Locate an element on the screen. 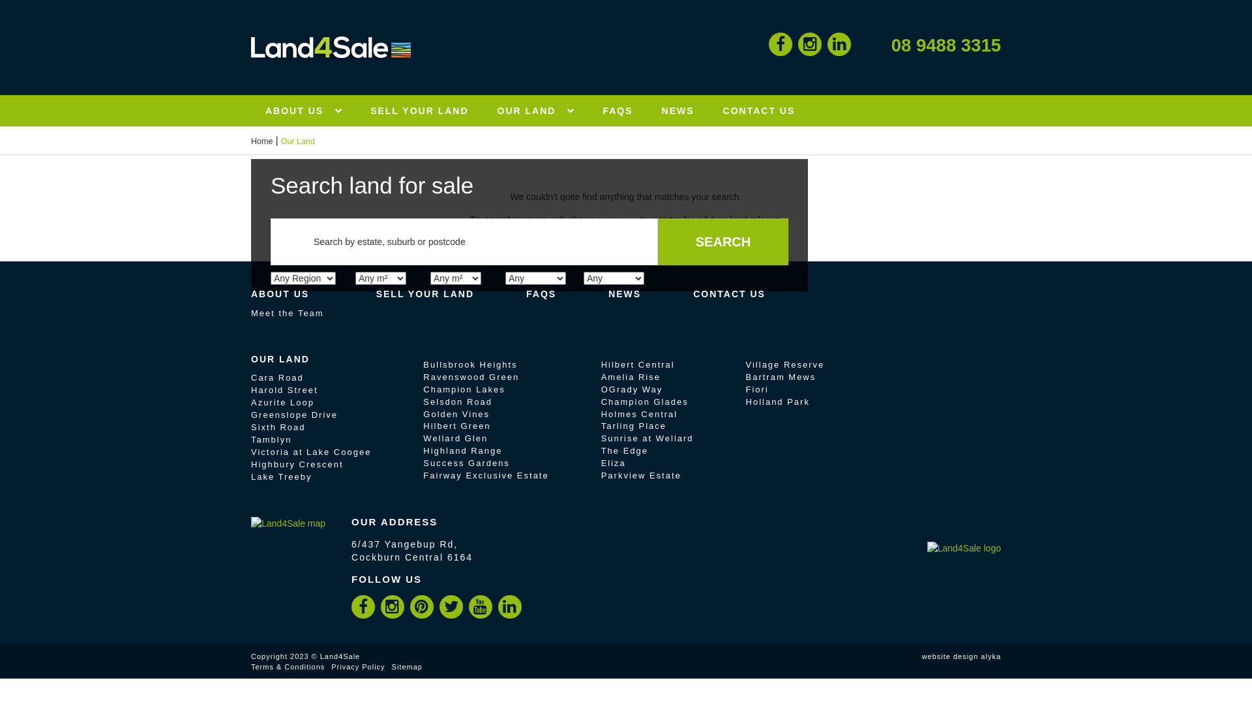 This screenshot has height=704, width=1252. 'Golden Vines' is located at coordinates (423, 414).